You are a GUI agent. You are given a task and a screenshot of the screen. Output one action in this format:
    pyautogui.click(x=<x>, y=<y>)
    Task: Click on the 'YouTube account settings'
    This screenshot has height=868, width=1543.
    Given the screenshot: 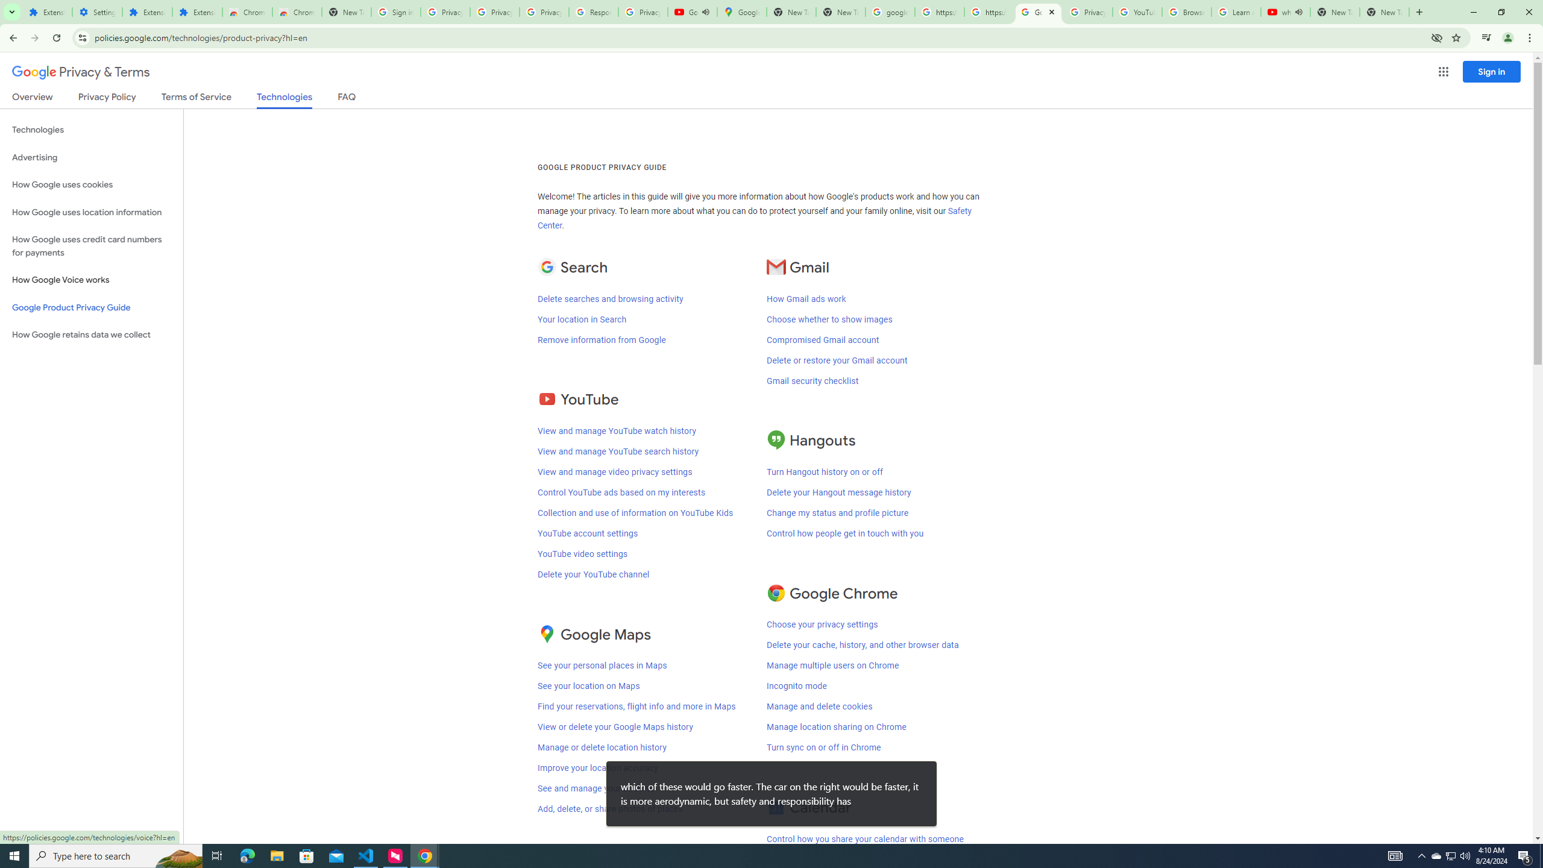 What is the action you would take?
    pyautogui.click(x=587, y=533)
    